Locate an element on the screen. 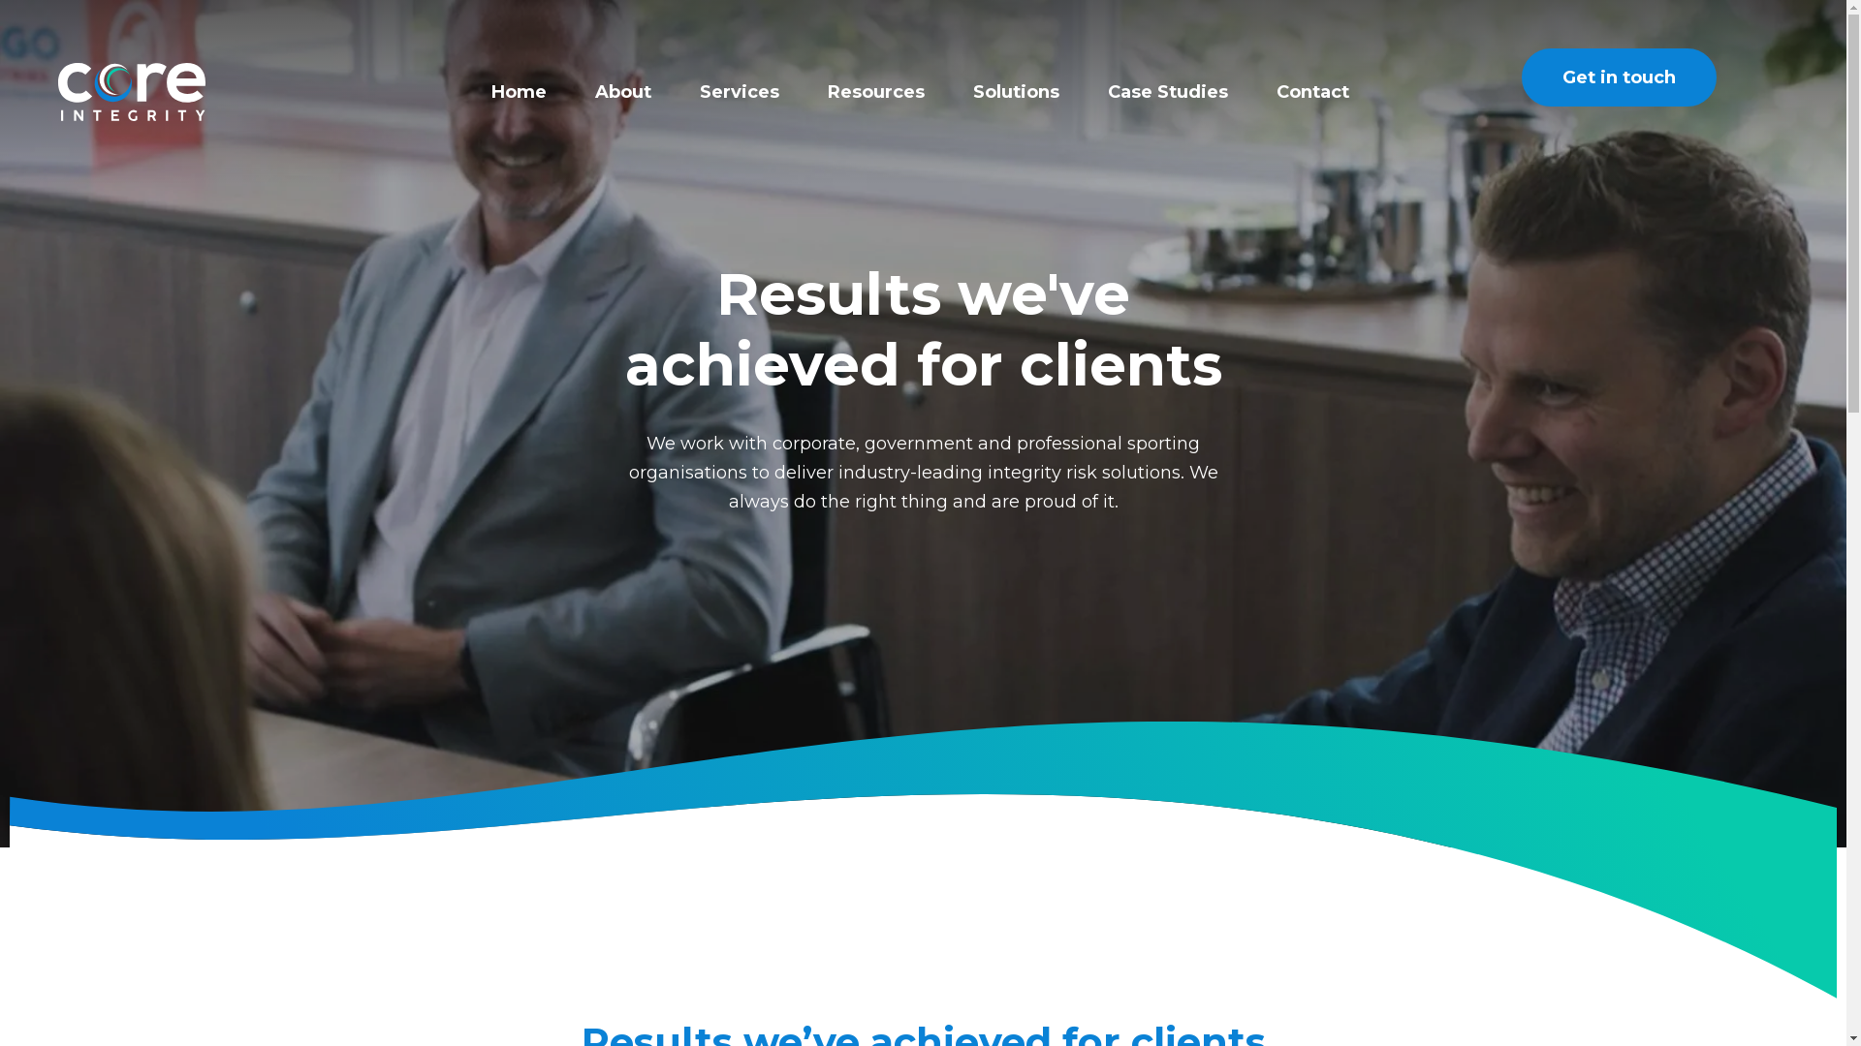 The height and width of the screenshot is (1046, 1861). 'Home' is located at coordinates (519, 92).